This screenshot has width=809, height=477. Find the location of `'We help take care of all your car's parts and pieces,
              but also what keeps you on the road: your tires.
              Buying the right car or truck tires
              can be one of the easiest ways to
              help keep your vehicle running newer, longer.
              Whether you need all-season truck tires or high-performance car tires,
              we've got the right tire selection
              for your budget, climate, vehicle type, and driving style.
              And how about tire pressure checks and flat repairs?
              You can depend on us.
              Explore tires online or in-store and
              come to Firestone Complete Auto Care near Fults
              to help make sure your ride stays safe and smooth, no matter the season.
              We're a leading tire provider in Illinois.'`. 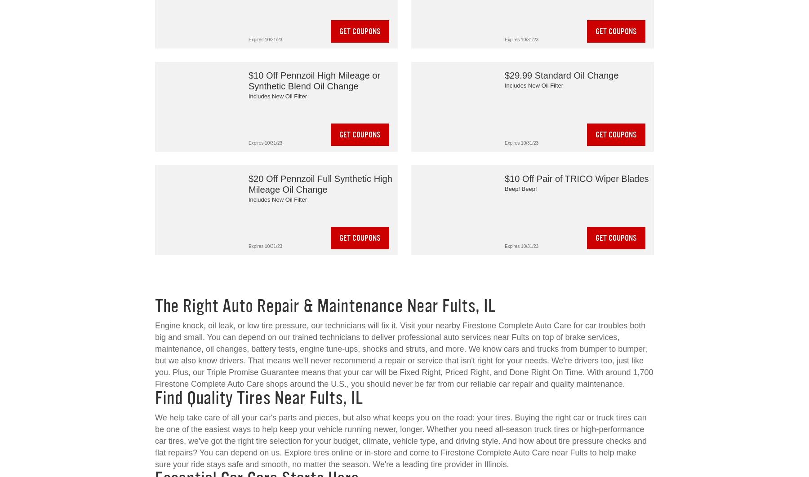

'We help take care of all your car's parts and pieces,
              but also what keeps you on the road: your tires.
              Buying the right car or truck tires
              can be one of the easiest ways to
              help keep your vehicle running newer, longer.
              Whether you need all-season truck tires or high-performance car tires,
              we've got the right tire selection
              for your budget, climate, vehicle type, and driving style.
              And how about tire pressure checks and flat repairs?
              You can depend on us.
              Explore tires online or in-store and
              come to Firestone Complete Auto Care near Fults
              to help make sure your ride stays safe and smooth, no matter the season.
              We're a leading tire provider in Illinois.' is located at coordinates (401, 441).